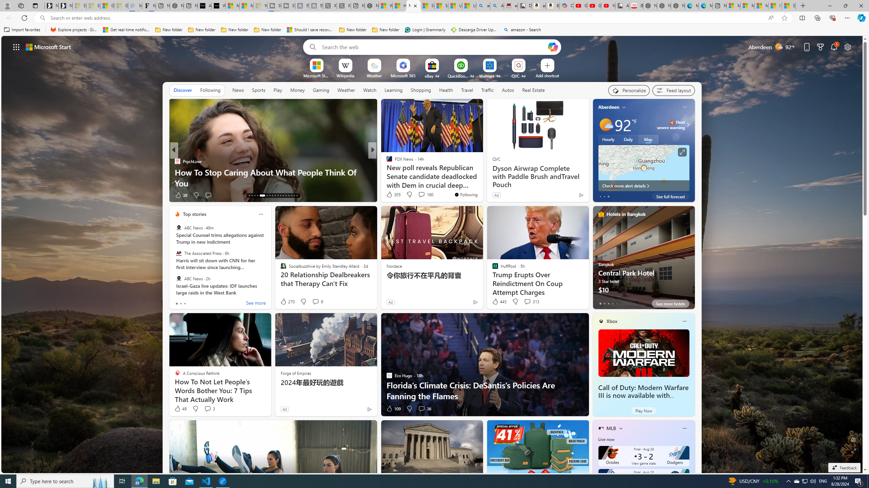 This screenshot has height=488, width=869. Describe the element at coordinates (417, 195) in the screenshot. I see `'View comments 26 Comment'` at that location.